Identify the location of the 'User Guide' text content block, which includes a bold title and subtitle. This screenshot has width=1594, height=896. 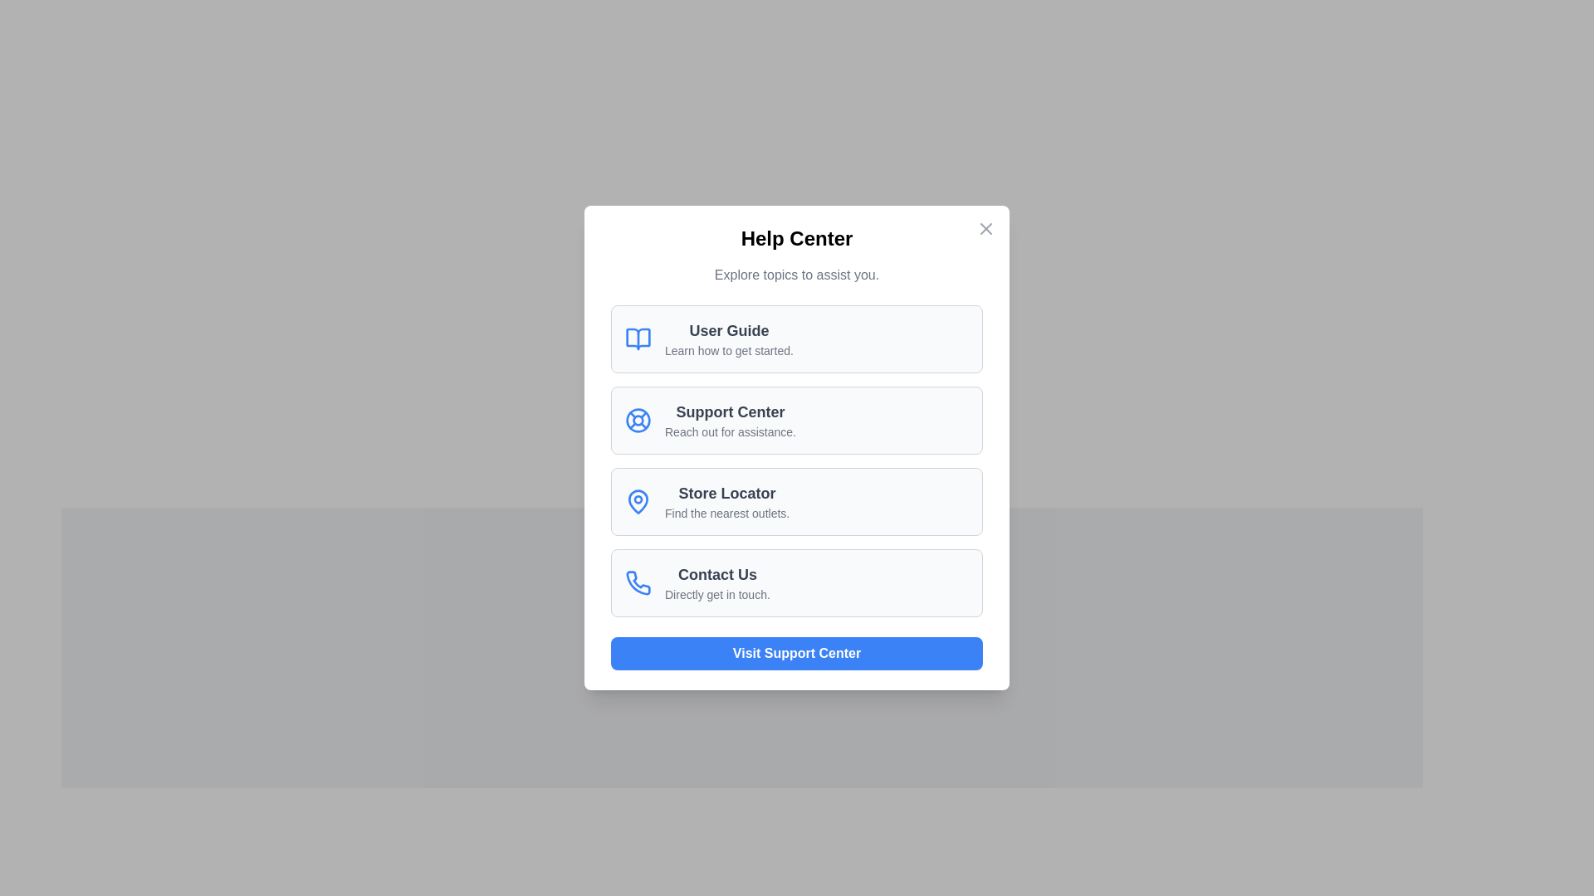
(729, 338).